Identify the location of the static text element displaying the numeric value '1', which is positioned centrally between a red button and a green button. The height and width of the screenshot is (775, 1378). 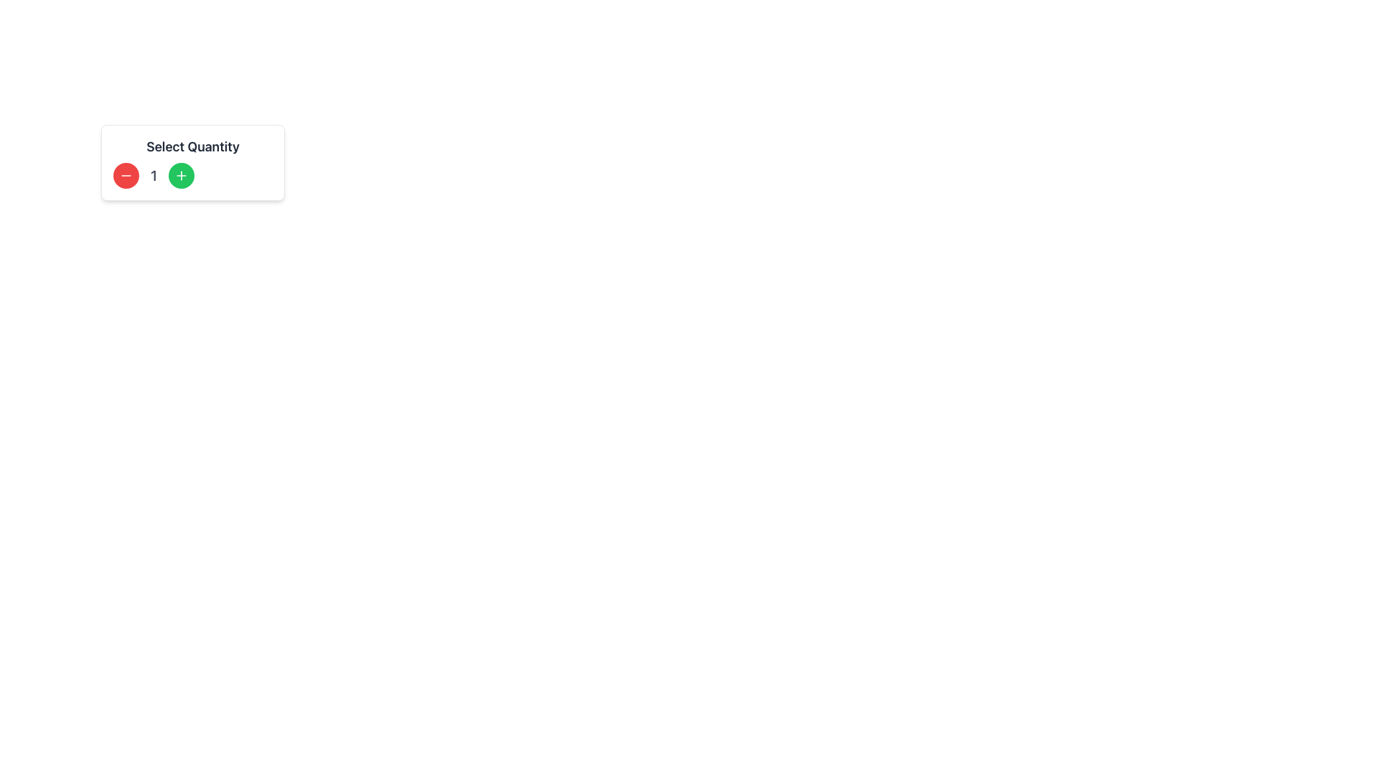
(154, 175).